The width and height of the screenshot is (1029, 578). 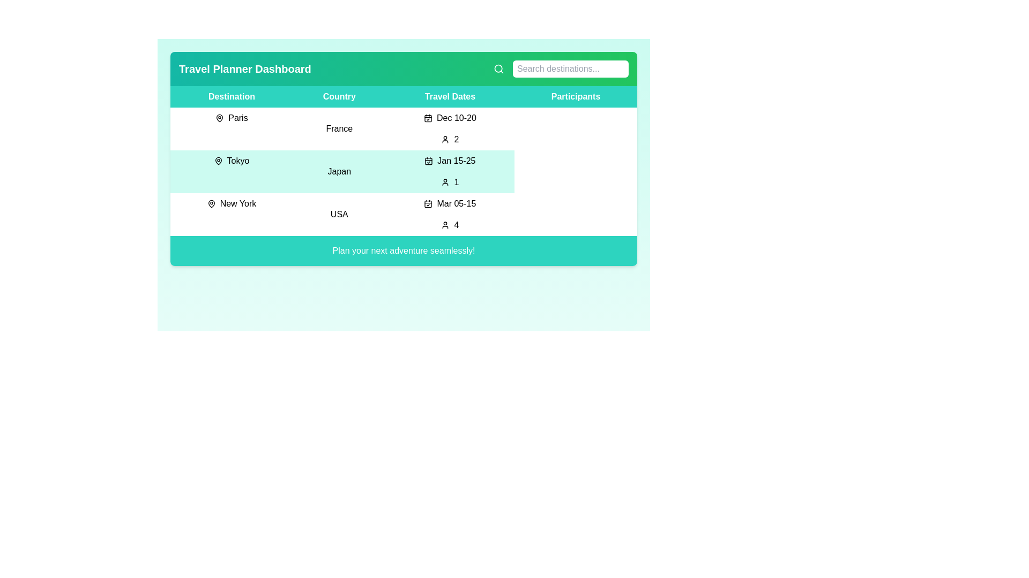 I want to click on the text label displaying 'New York' in the first column of the table, under the header 'Destination', located in the third row, so click(x=231, y=204).